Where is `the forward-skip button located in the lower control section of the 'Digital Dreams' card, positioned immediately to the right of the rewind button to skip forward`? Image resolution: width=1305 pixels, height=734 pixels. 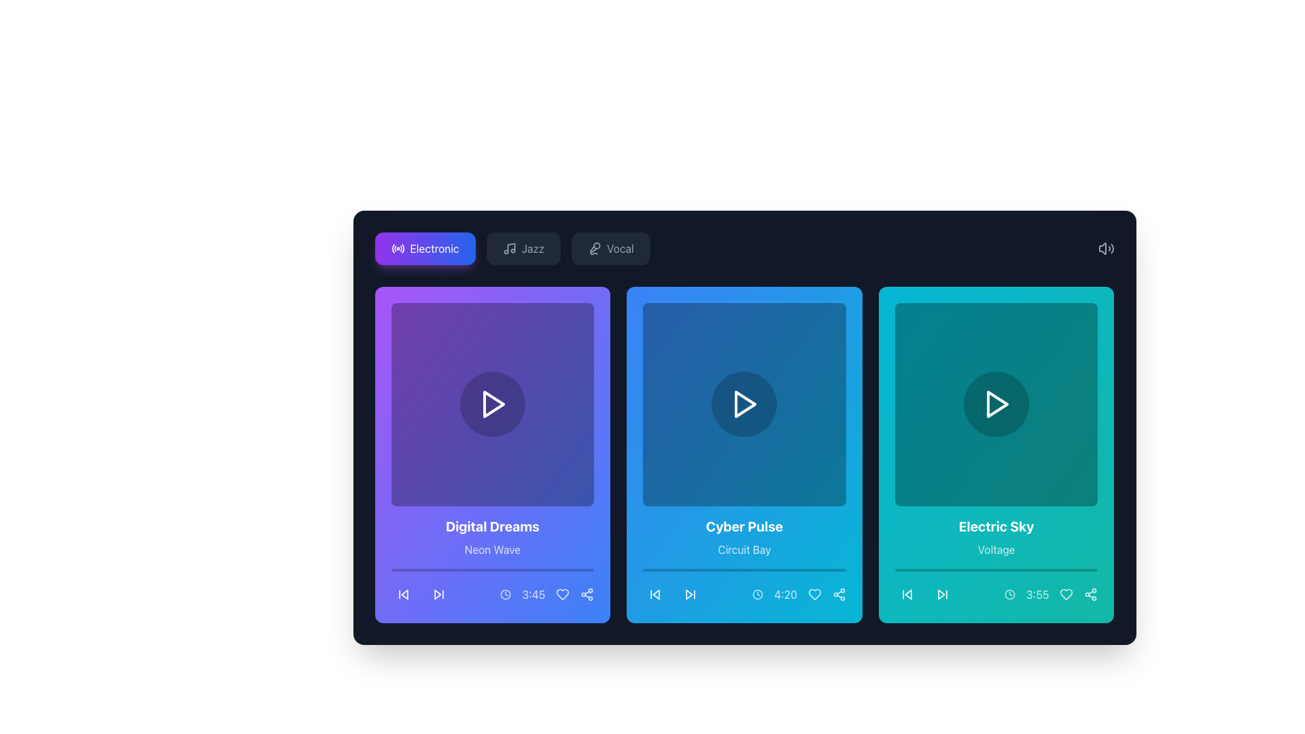 the forward-skip button located in the lower control section of the 'Digital Dreams' card, positioned immediately to the right of the rewind button to skip forward is located at coordinates (438, 593).